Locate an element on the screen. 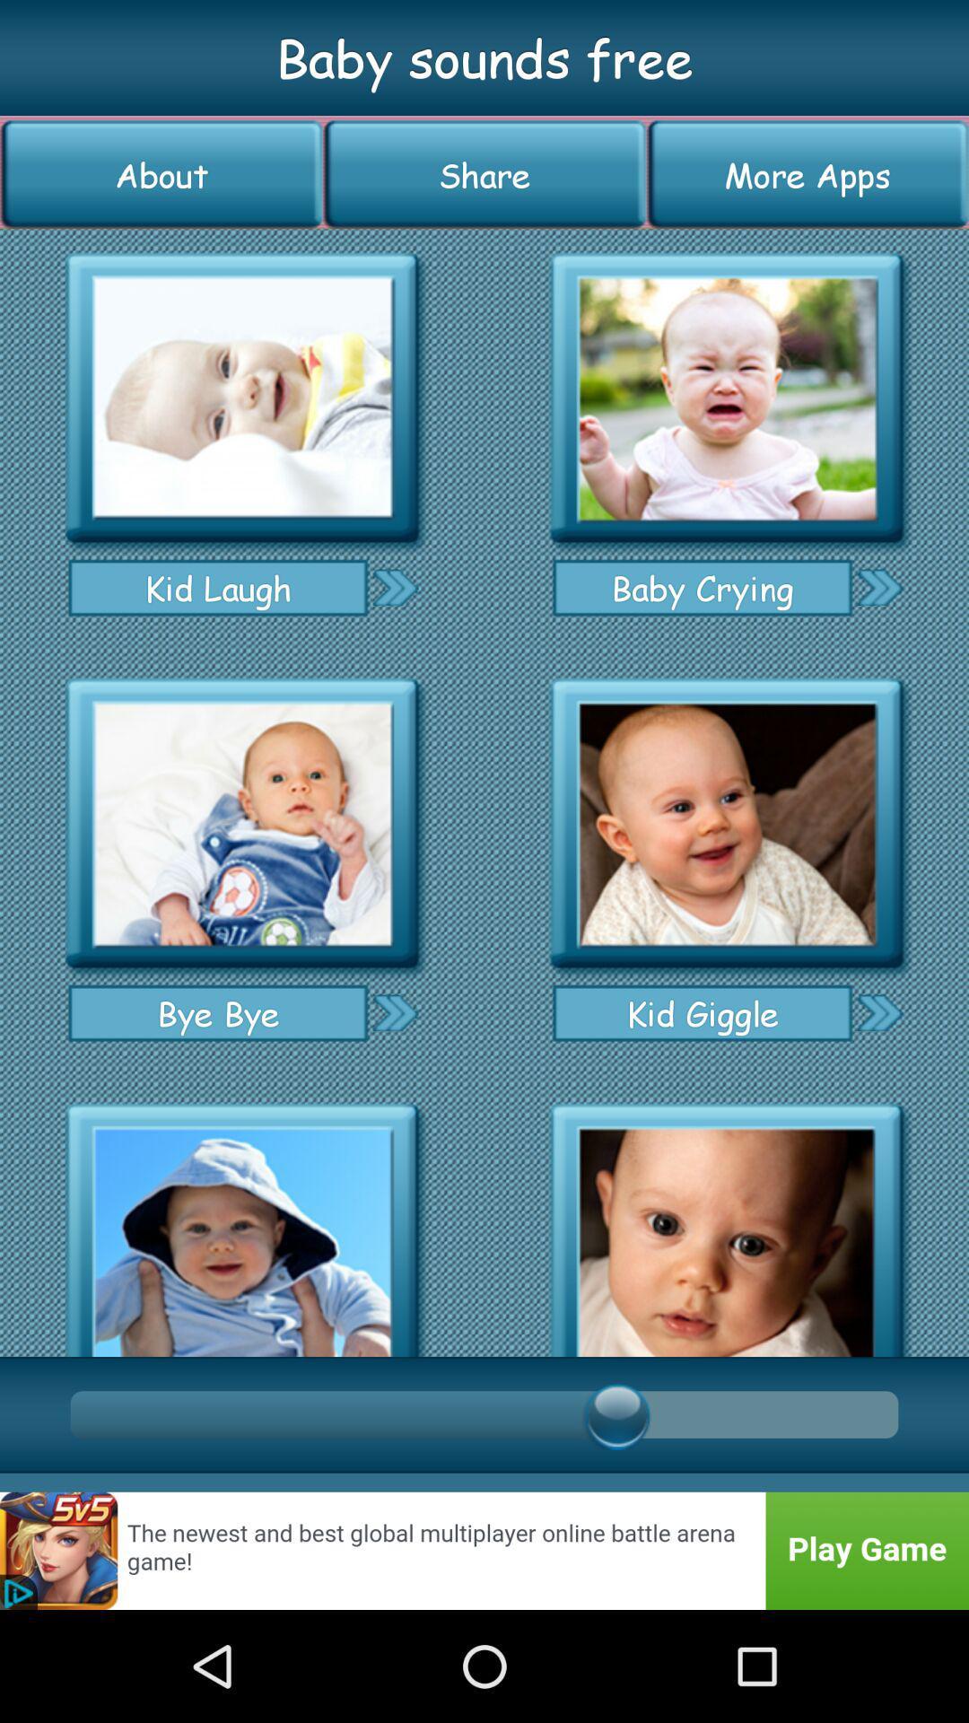  icon for kid giggle is located at coordinates (727, 823).